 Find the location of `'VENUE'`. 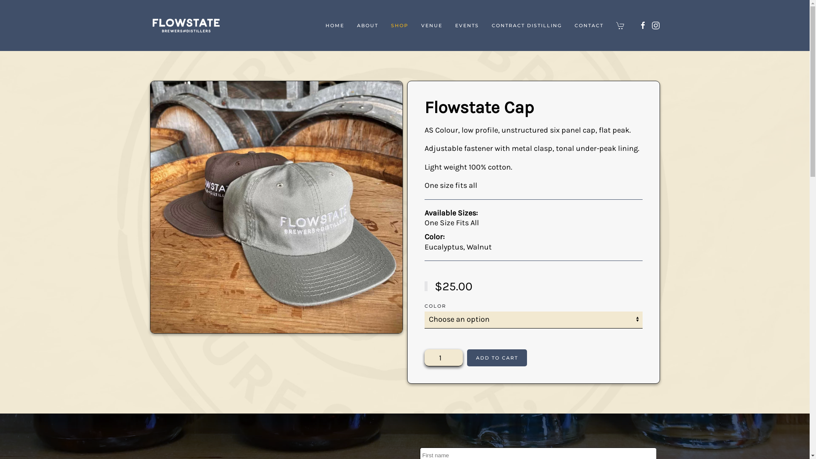

'VENUE' is located at coordinates (432, 25).